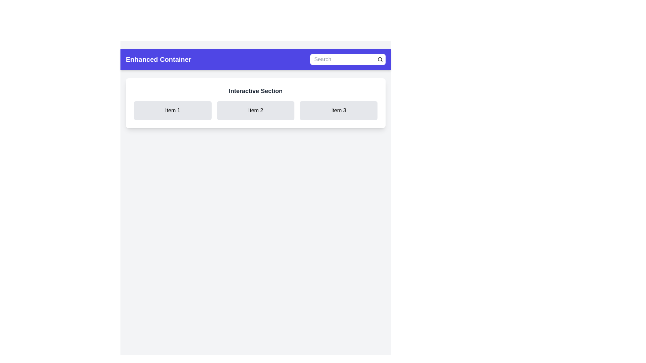 This screenshot has height=363, width=646. Describe the element at coordinates (255, 103) in the screenshot. I see `the items in the 'Interactive Section' which contains 'Item 1', 'Item 2', and 'Item 3', styled within light gray boxes` at that location.